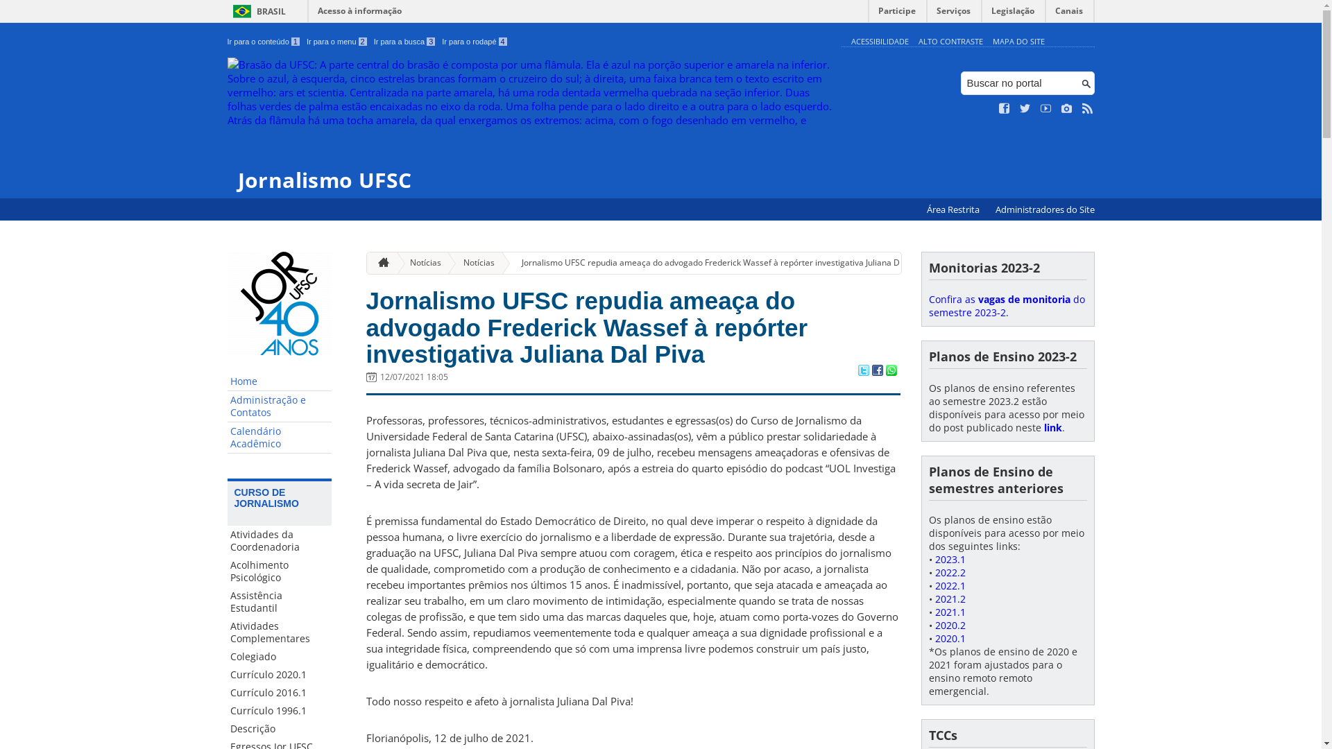 This screenshot has height=749, width=1332. Describe the element at coordinates (373, 41) in the screenshot. I see `'Ir para a busca 3'` at that location.